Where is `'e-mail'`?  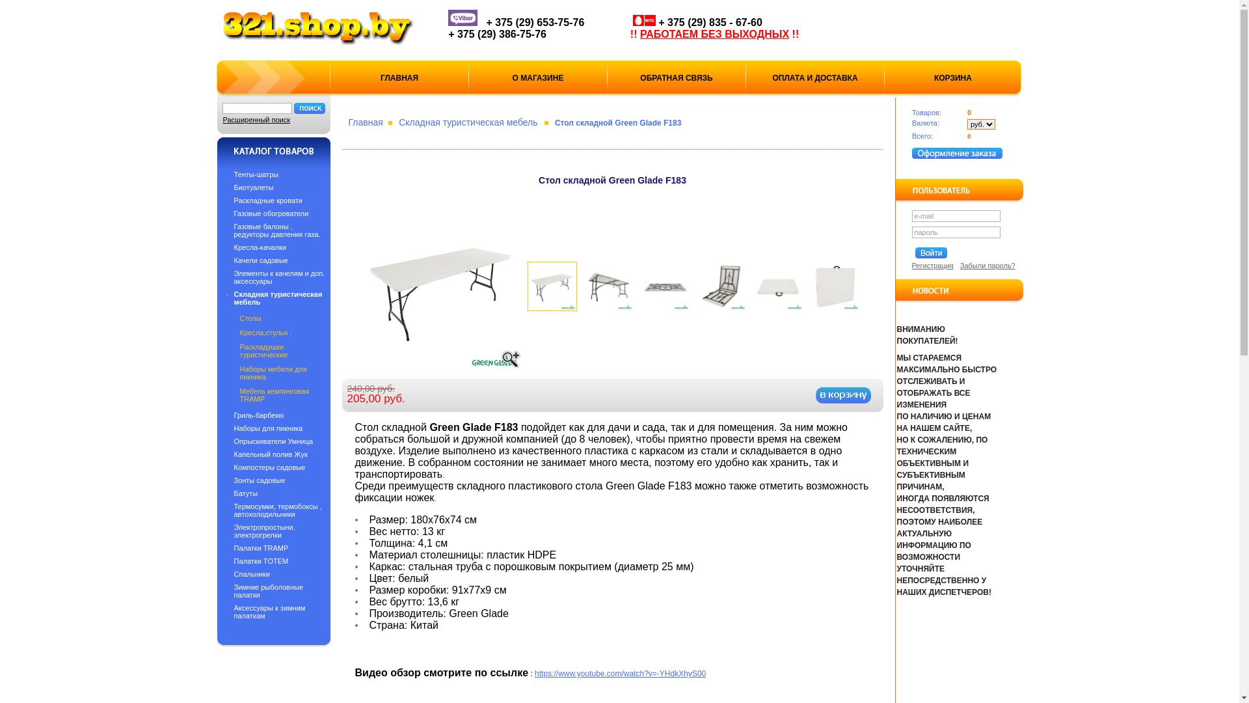 'e-mail' is located at coordinates (955, 215).